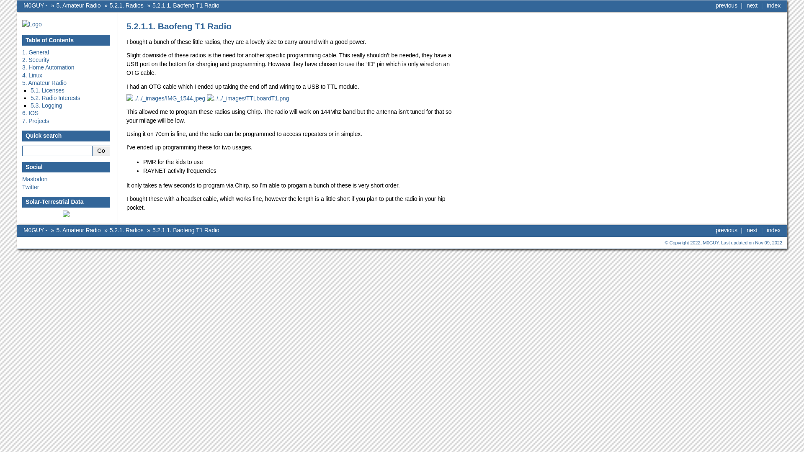 This screenshot has width=804, height=452. What do you see at coordinates (726, 5) in the screenshot?
I see `'previous'` at bounding box center [726, 5].